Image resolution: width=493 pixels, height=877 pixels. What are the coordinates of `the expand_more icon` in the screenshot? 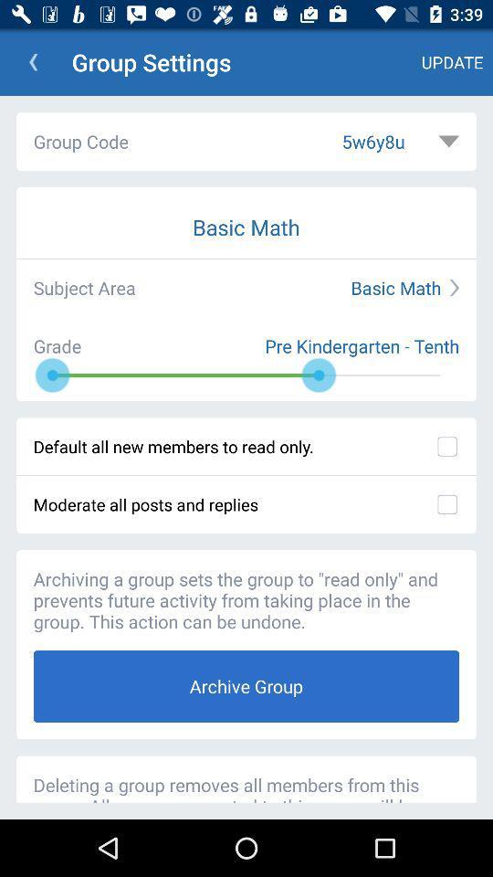 It's located at (447, 141).